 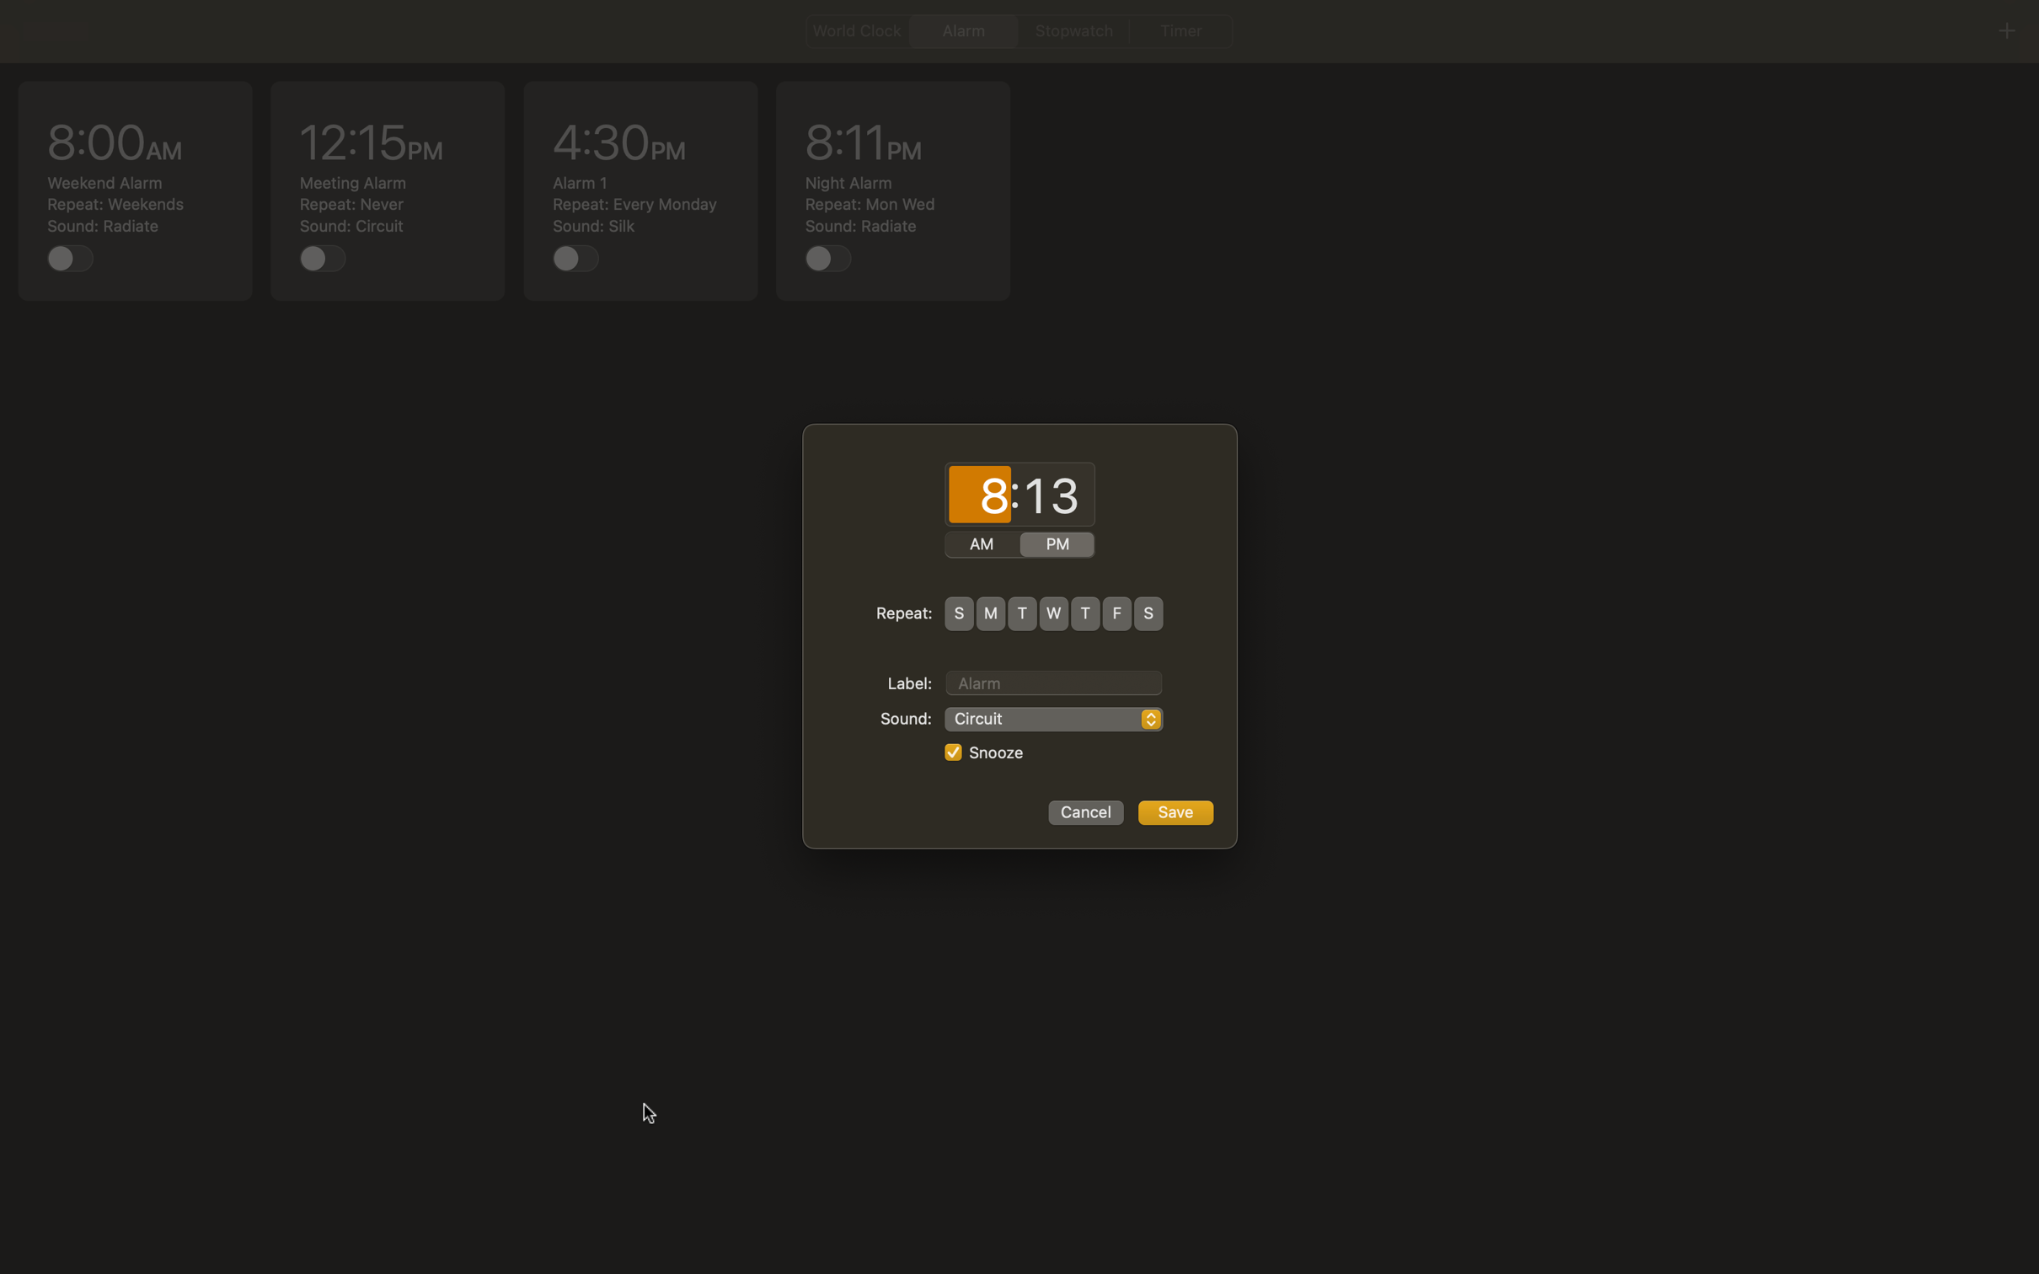 What do you see at coordinates (1053, 680) in the screenshot?
I see `Designate the alarm title as "Important Meeting` at bounding box center [1053, 680].